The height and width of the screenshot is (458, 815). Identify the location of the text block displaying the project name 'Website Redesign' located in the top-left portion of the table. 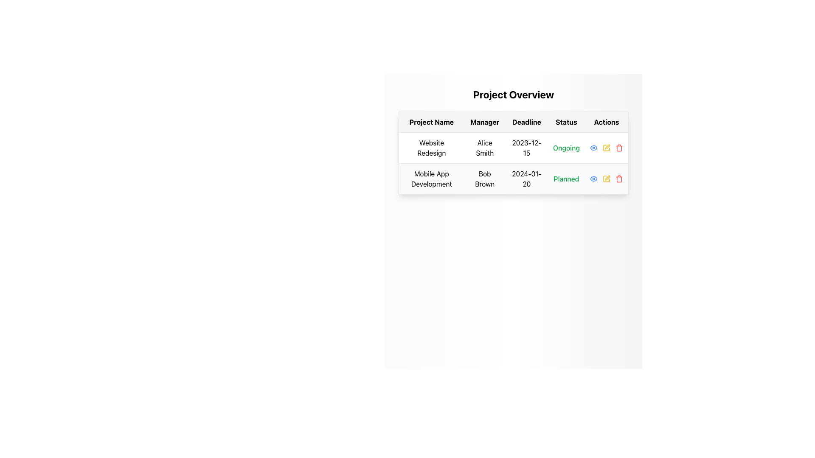
(431, 147).